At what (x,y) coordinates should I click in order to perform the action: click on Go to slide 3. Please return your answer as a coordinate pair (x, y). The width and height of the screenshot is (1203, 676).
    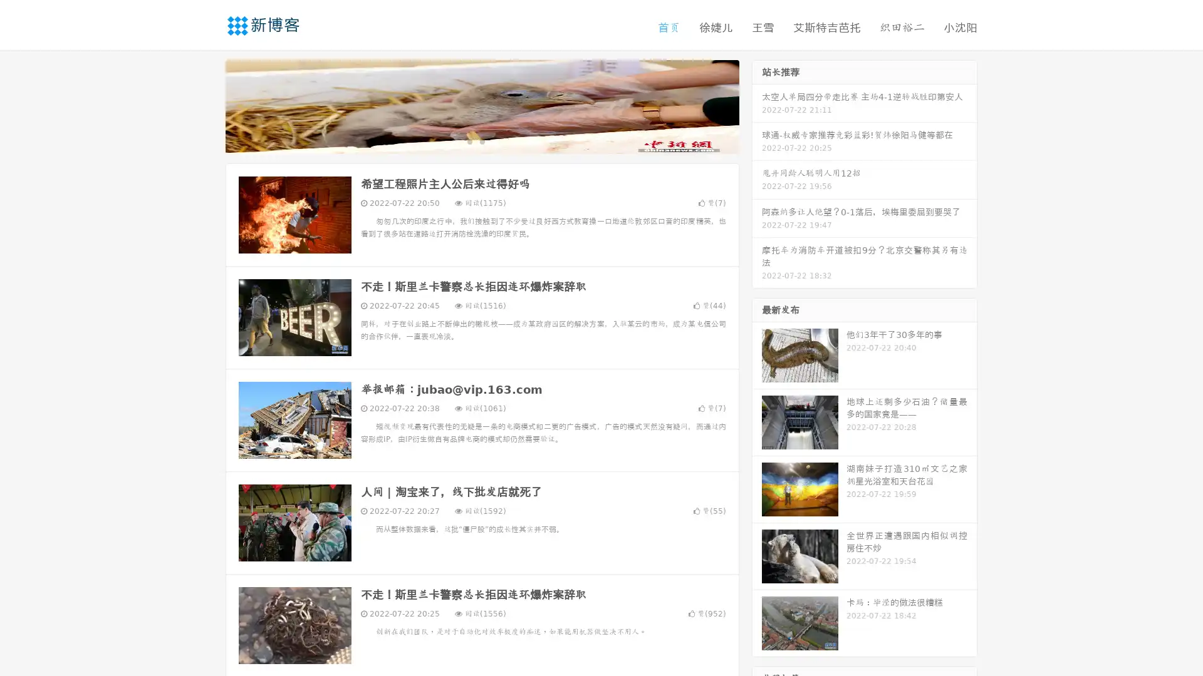
    Looking at the image, I should click on (494, 141).